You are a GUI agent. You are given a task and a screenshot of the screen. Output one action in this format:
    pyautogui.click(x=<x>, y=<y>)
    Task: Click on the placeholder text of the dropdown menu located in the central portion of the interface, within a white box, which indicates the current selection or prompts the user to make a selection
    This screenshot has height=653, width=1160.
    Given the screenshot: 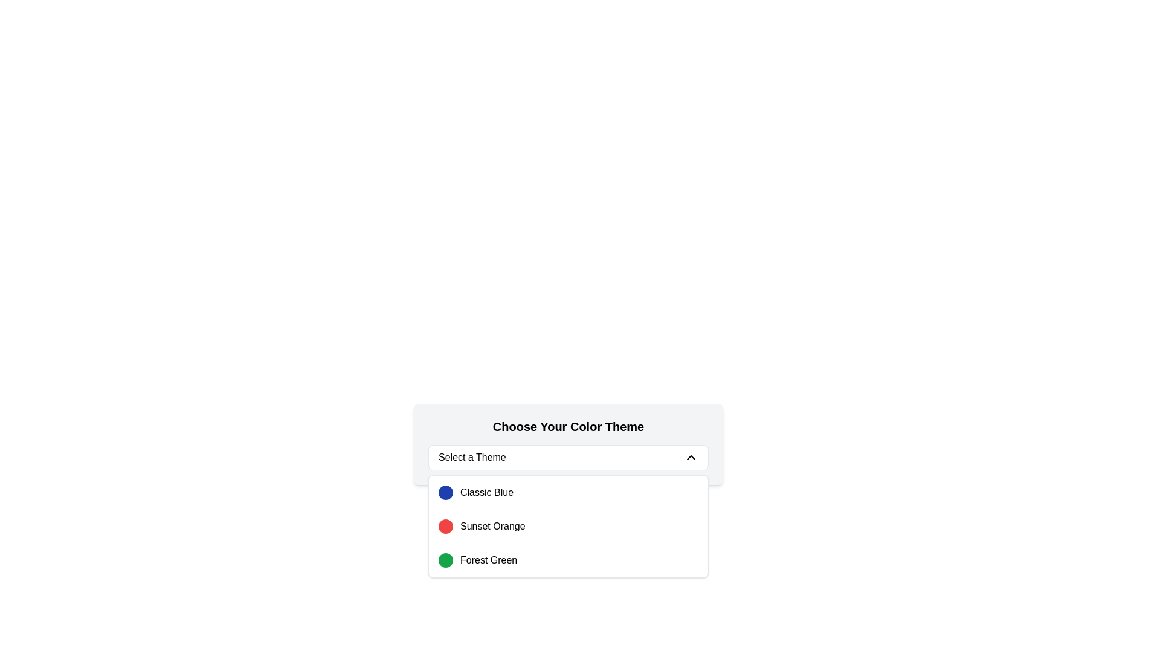 What is the action you would take?
    pyautogui.click(x=471, y=457)
    